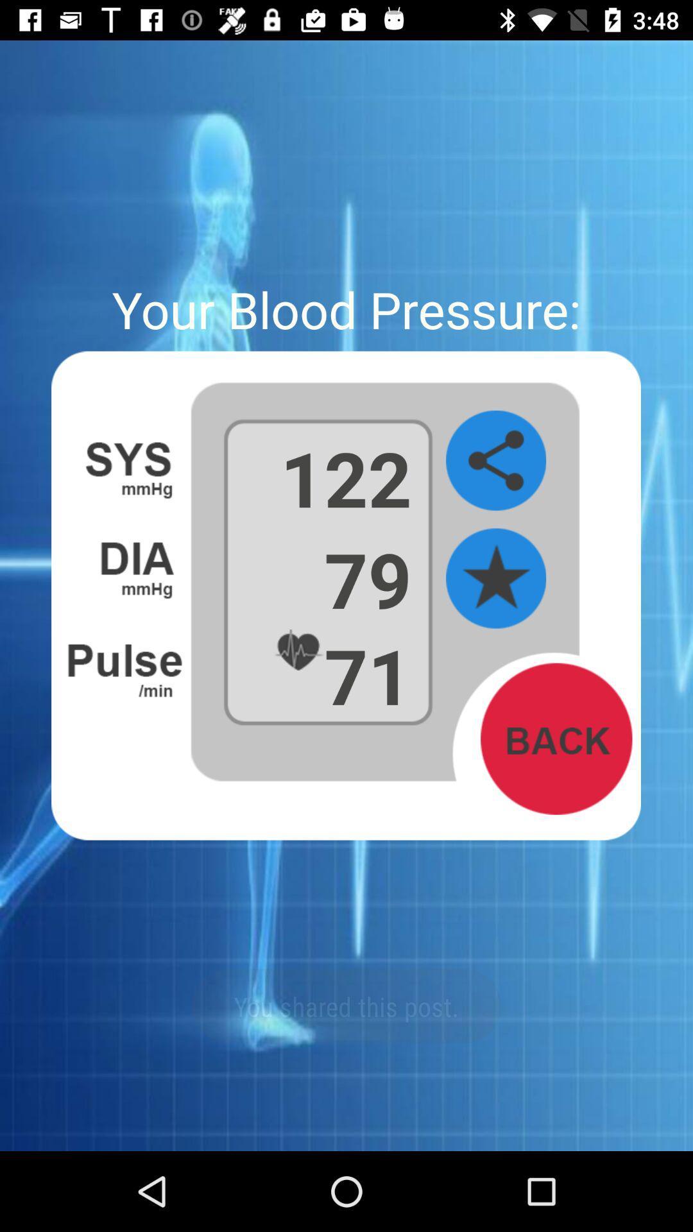 The width and height of the screenshot is (693, 1232). What do you see at coordinates (495, 578) in the screenshot?
I see `results` at bounding box center [495, 578].